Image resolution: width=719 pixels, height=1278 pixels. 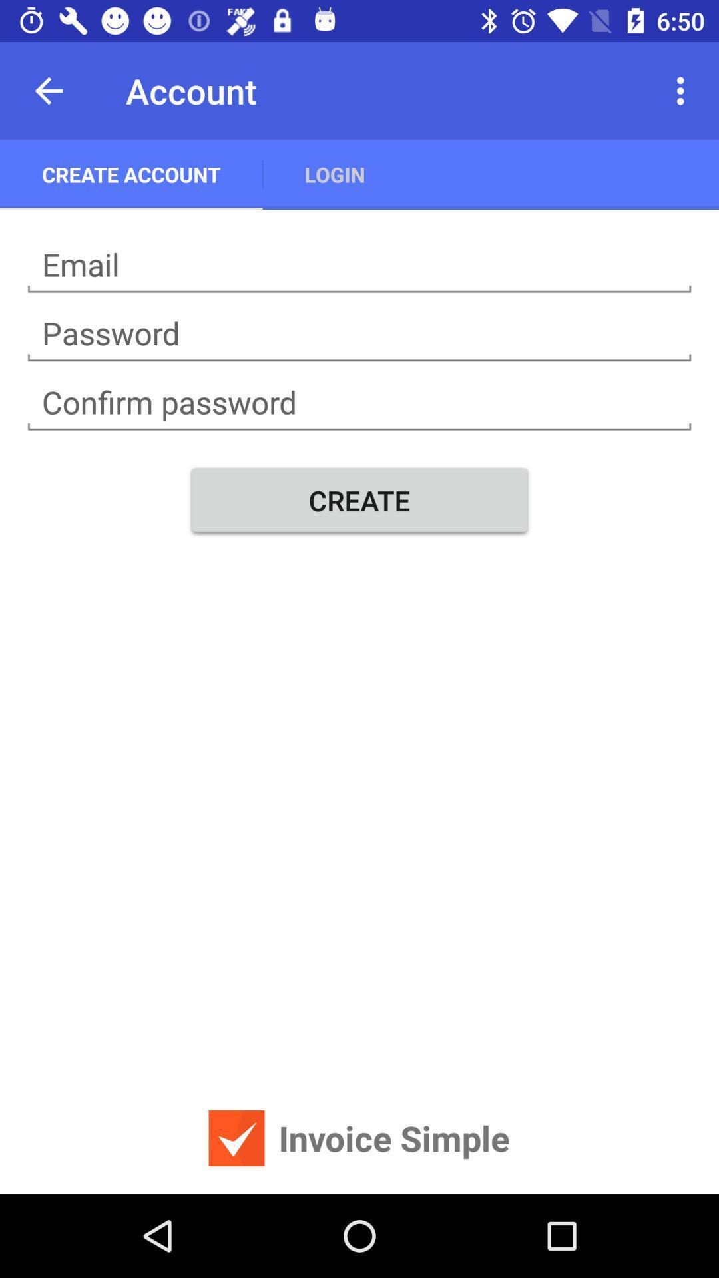 I want to click on the password, so click(x=359, y=333).